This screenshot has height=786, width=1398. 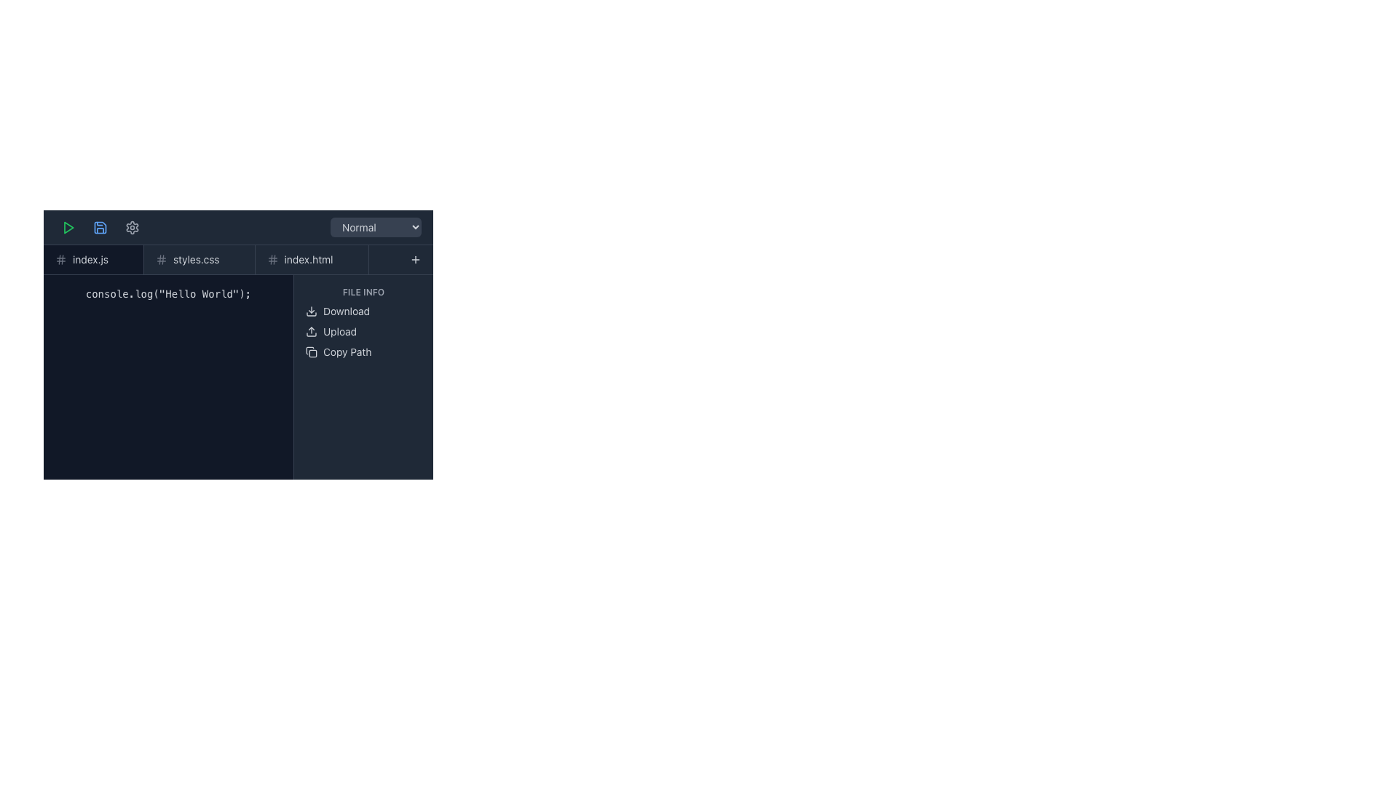 What do you see at coordinates (133, 227) in the screenshot?
I see `the settings icon button, which is the third item in the horizontal navbar, located between the save icon and the 'Normal' dropdown menu` at bounding box center [133, 227].